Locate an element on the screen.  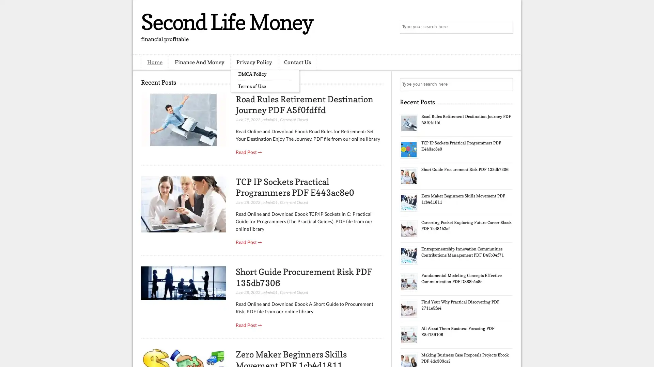
Search is located at coordinates (506, 27).